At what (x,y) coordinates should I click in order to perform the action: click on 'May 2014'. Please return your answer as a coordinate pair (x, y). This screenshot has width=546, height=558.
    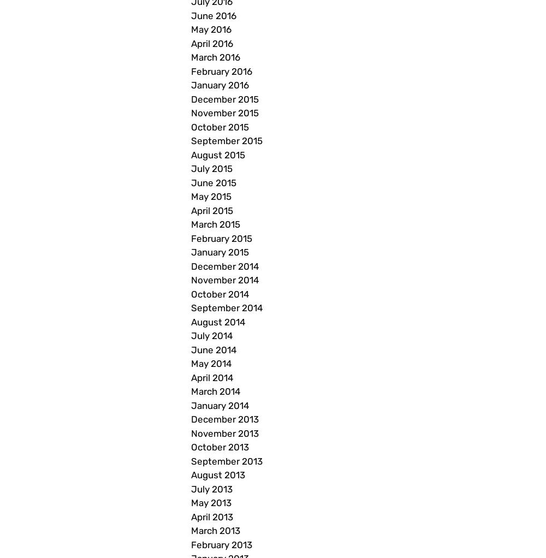
    Looking at the image, I should click on (191, 363).